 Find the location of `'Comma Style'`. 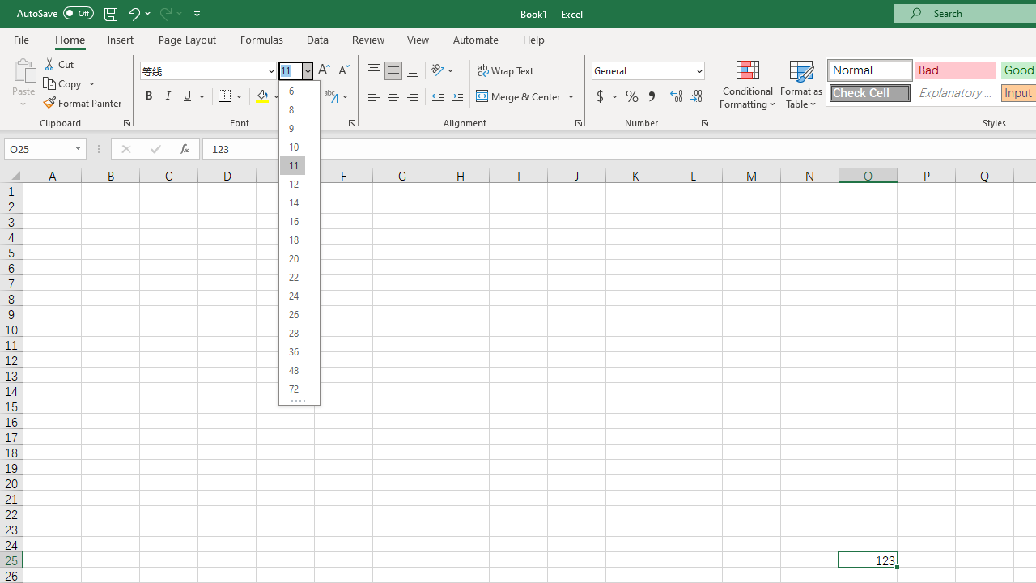

'Comma Style' is located at coordinates (652, 96).